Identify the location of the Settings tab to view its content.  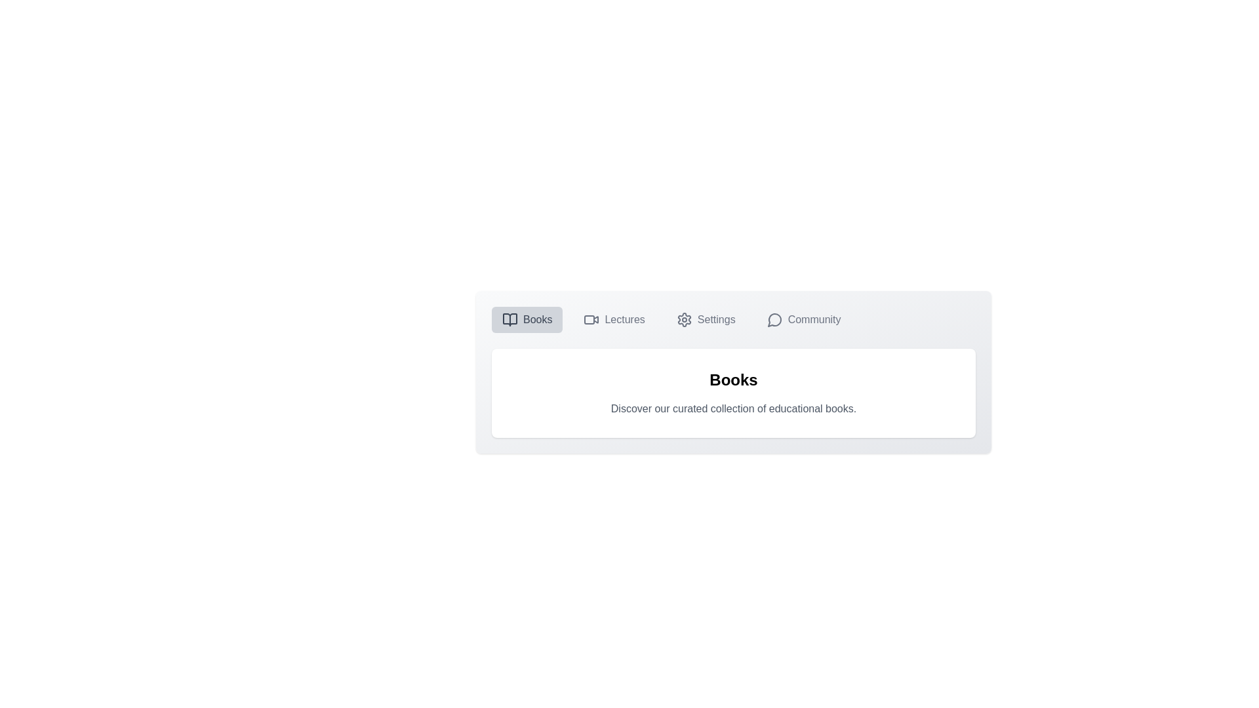
(705, 320).